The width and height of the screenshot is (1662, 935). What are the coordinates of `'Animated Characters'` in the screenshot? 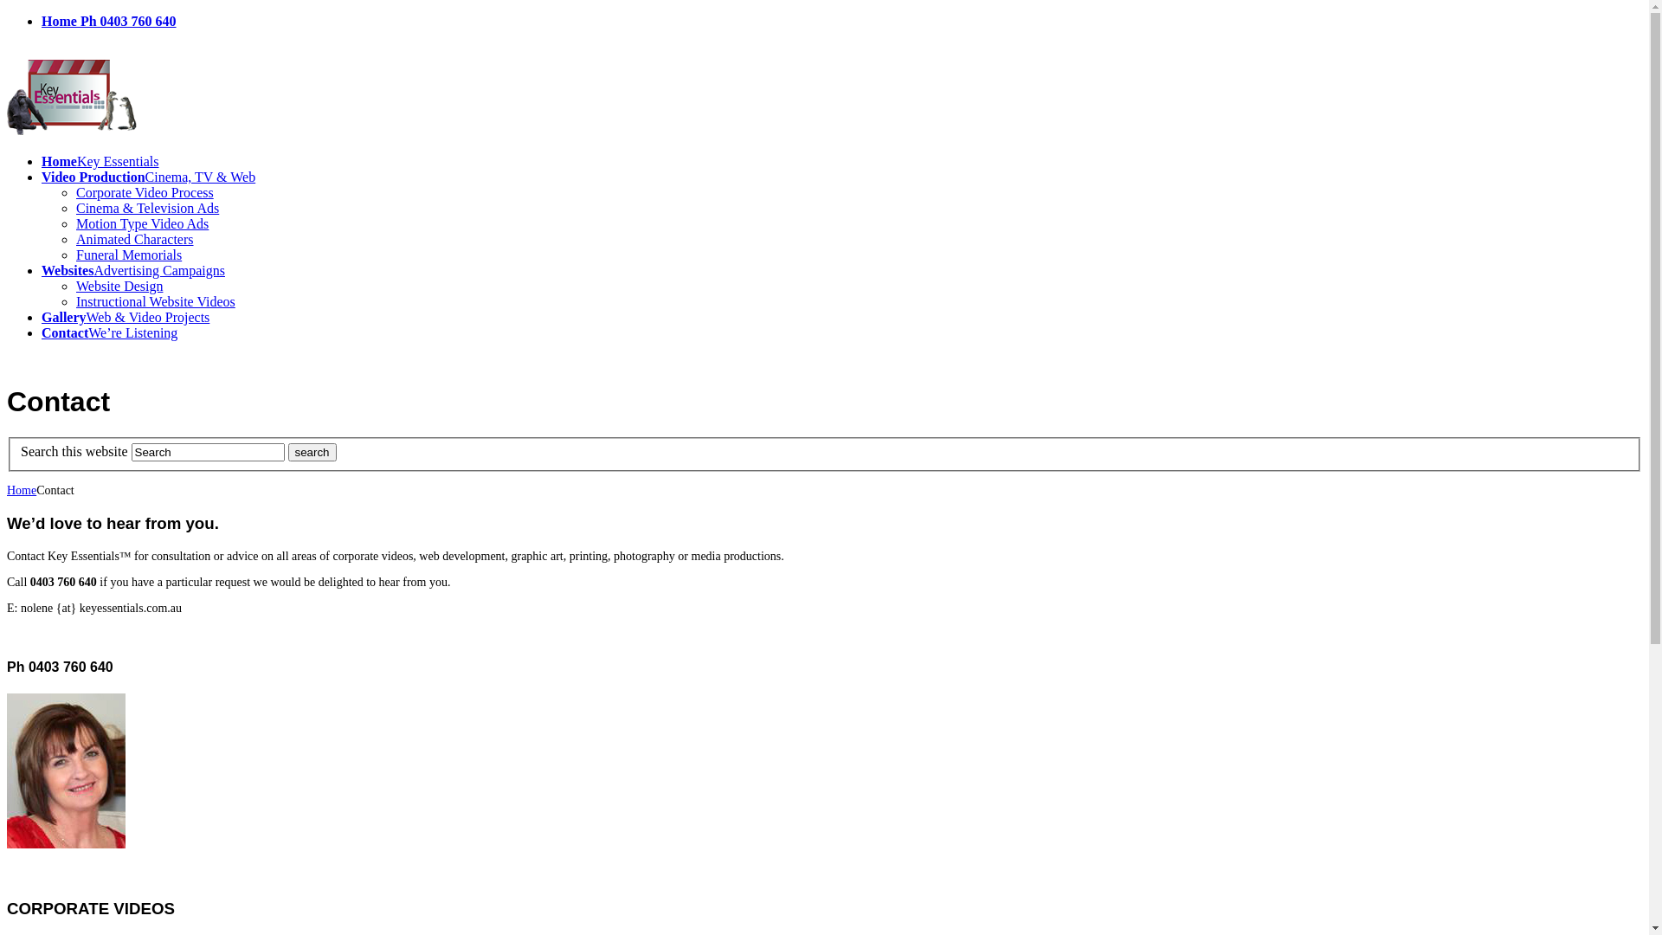 It's located at (134, 239).